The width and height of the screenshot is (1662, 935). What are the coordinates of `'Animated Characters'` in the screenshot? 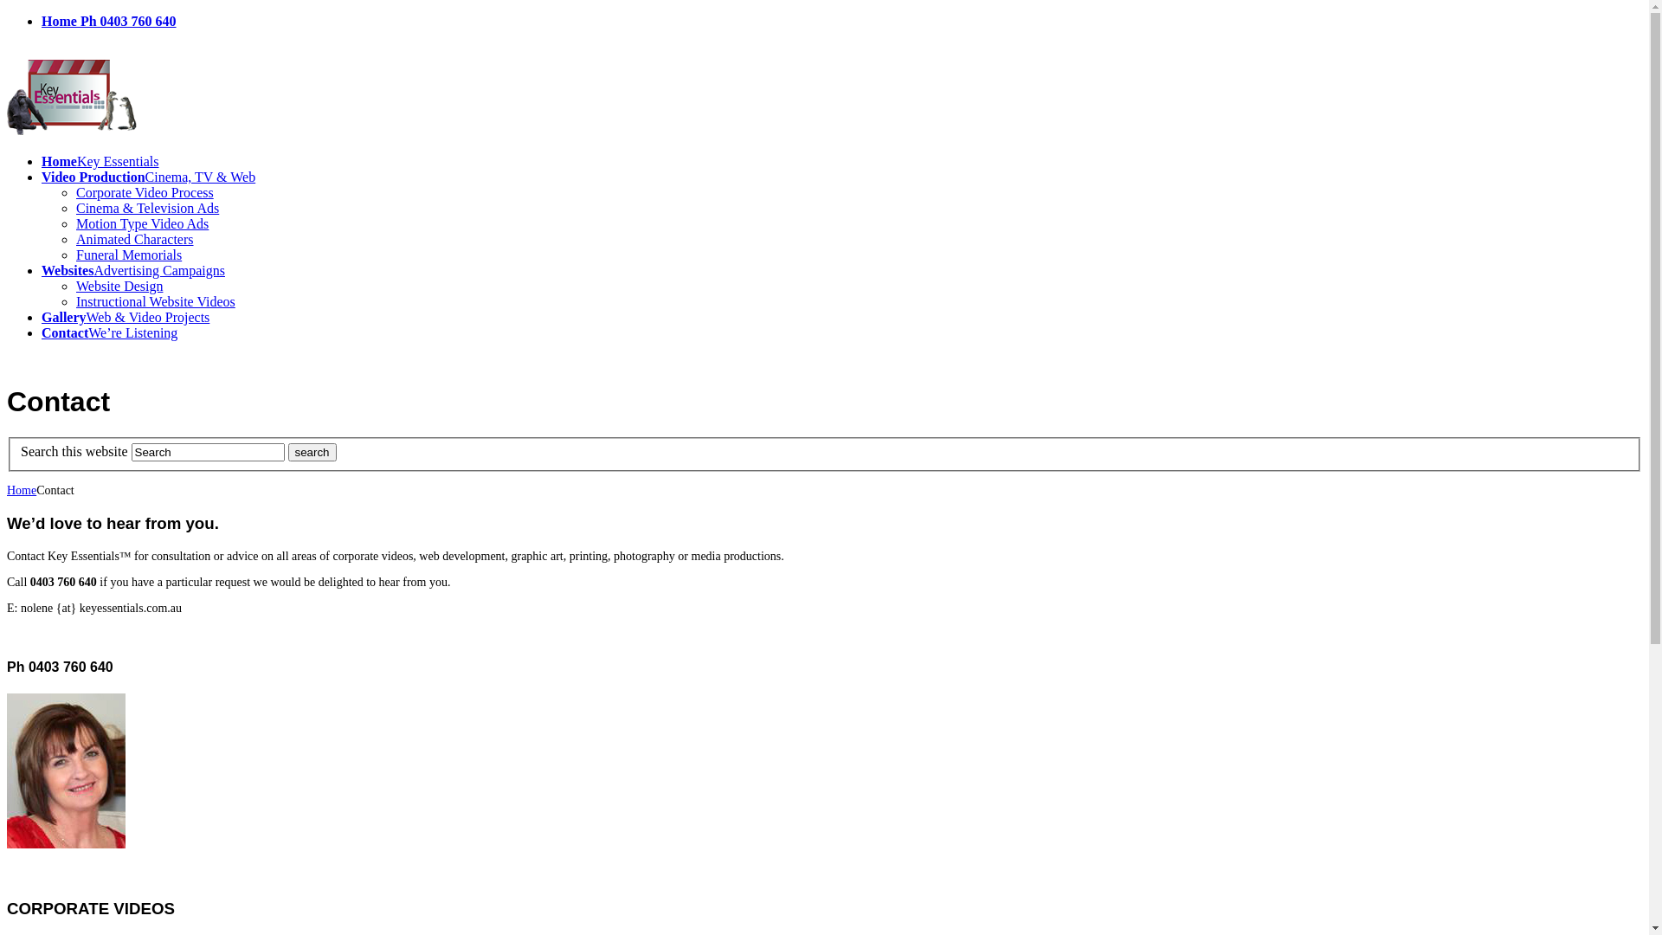 It's located at (134, 239).